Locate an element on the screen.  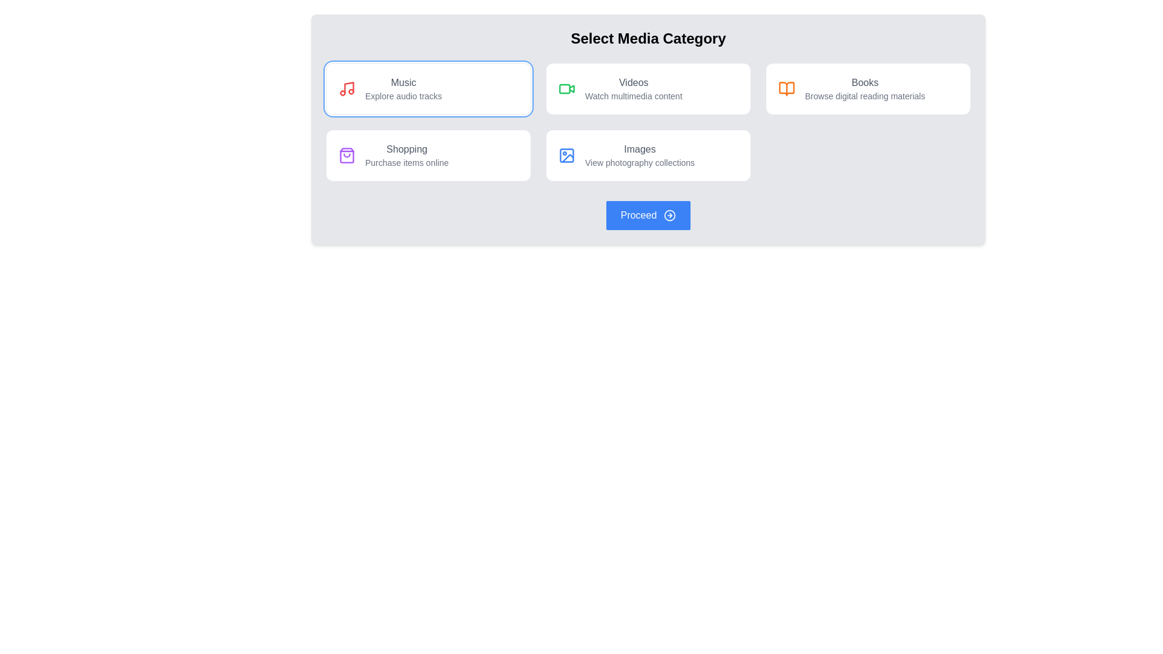
the 'Books' text label which serves as the title for the Books category and provides a clickable target for navigation is located at coordinates (864, 82).